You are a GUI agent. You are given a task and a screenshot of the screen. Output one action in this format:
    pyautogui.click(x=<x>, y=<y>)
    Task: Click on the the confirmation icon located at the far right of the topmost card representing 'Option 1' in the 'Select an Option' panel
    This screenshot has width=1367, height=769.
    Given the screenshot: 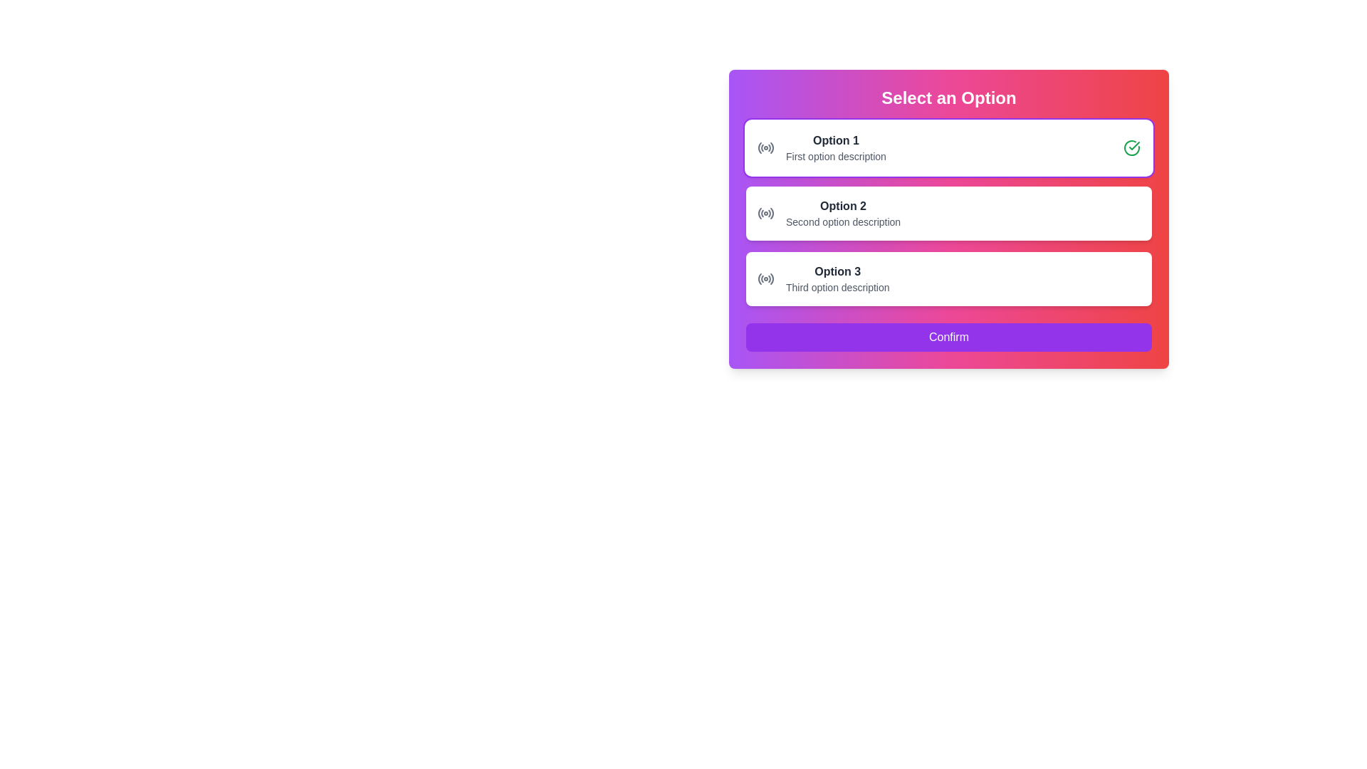 What is the action you would take?
    pyautogui.click(x=1131, y=148)
    